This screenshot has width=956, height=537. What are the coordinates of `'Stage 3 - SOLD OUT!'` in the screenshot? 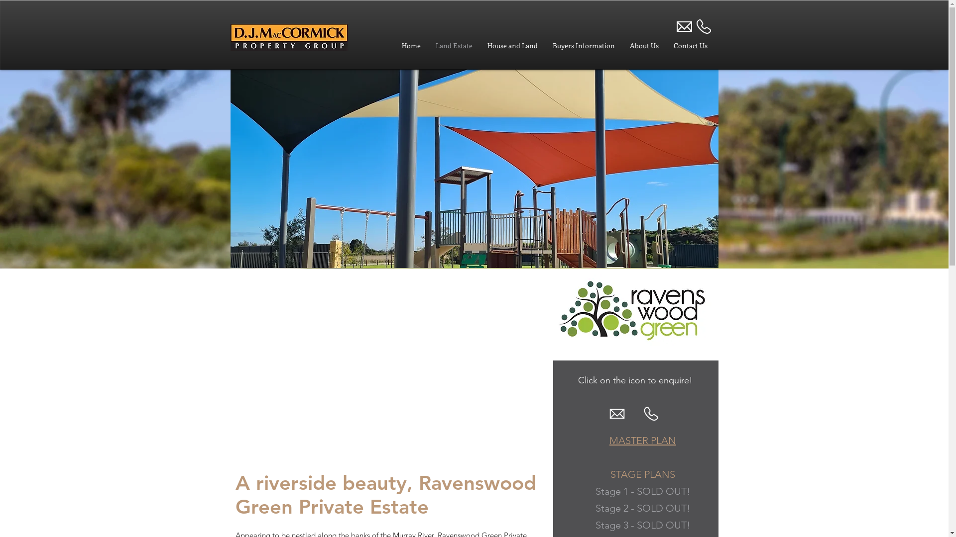 It's located at (643, 525).